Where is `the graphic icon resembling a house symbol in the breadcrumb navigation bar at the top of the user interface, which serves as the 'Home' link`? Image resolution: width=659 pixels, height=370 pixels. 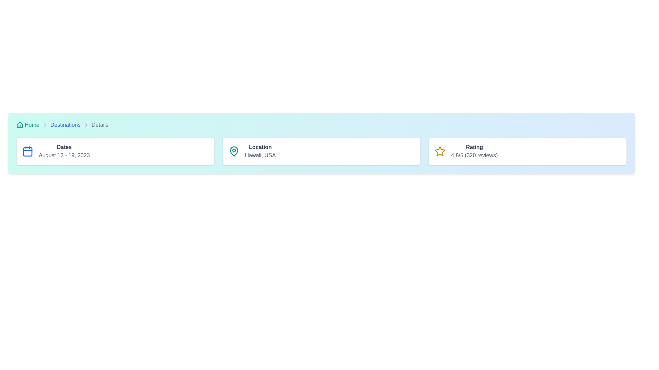 the graphic icon resembling a house symbol in the breadcrumb navigation bar at the top of the user interface, which serves as the 'Home' link is located at coordinates (20, 124).